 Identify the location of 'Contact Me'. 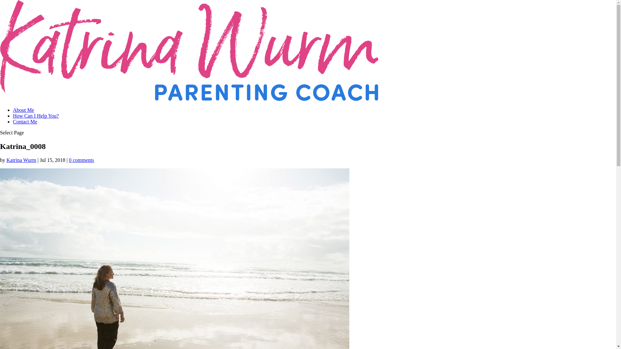
(25, 122).